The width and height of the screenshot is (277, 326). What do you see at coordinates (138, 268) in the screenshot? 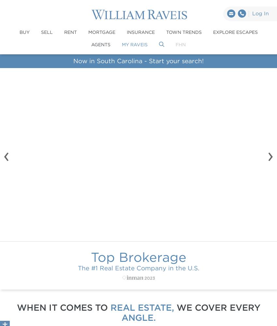
I see `'The #1 Real Estate Company in the U.S.'` at bounding box center [138, 268].